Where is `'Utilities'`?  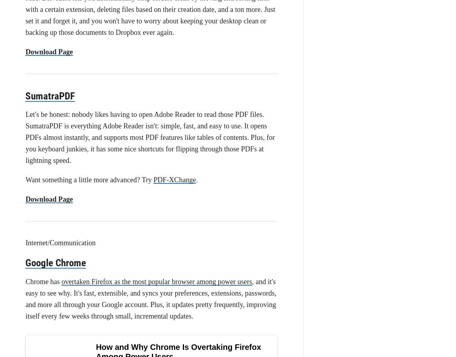
'Utilities' is located at coordinates (25, 36).